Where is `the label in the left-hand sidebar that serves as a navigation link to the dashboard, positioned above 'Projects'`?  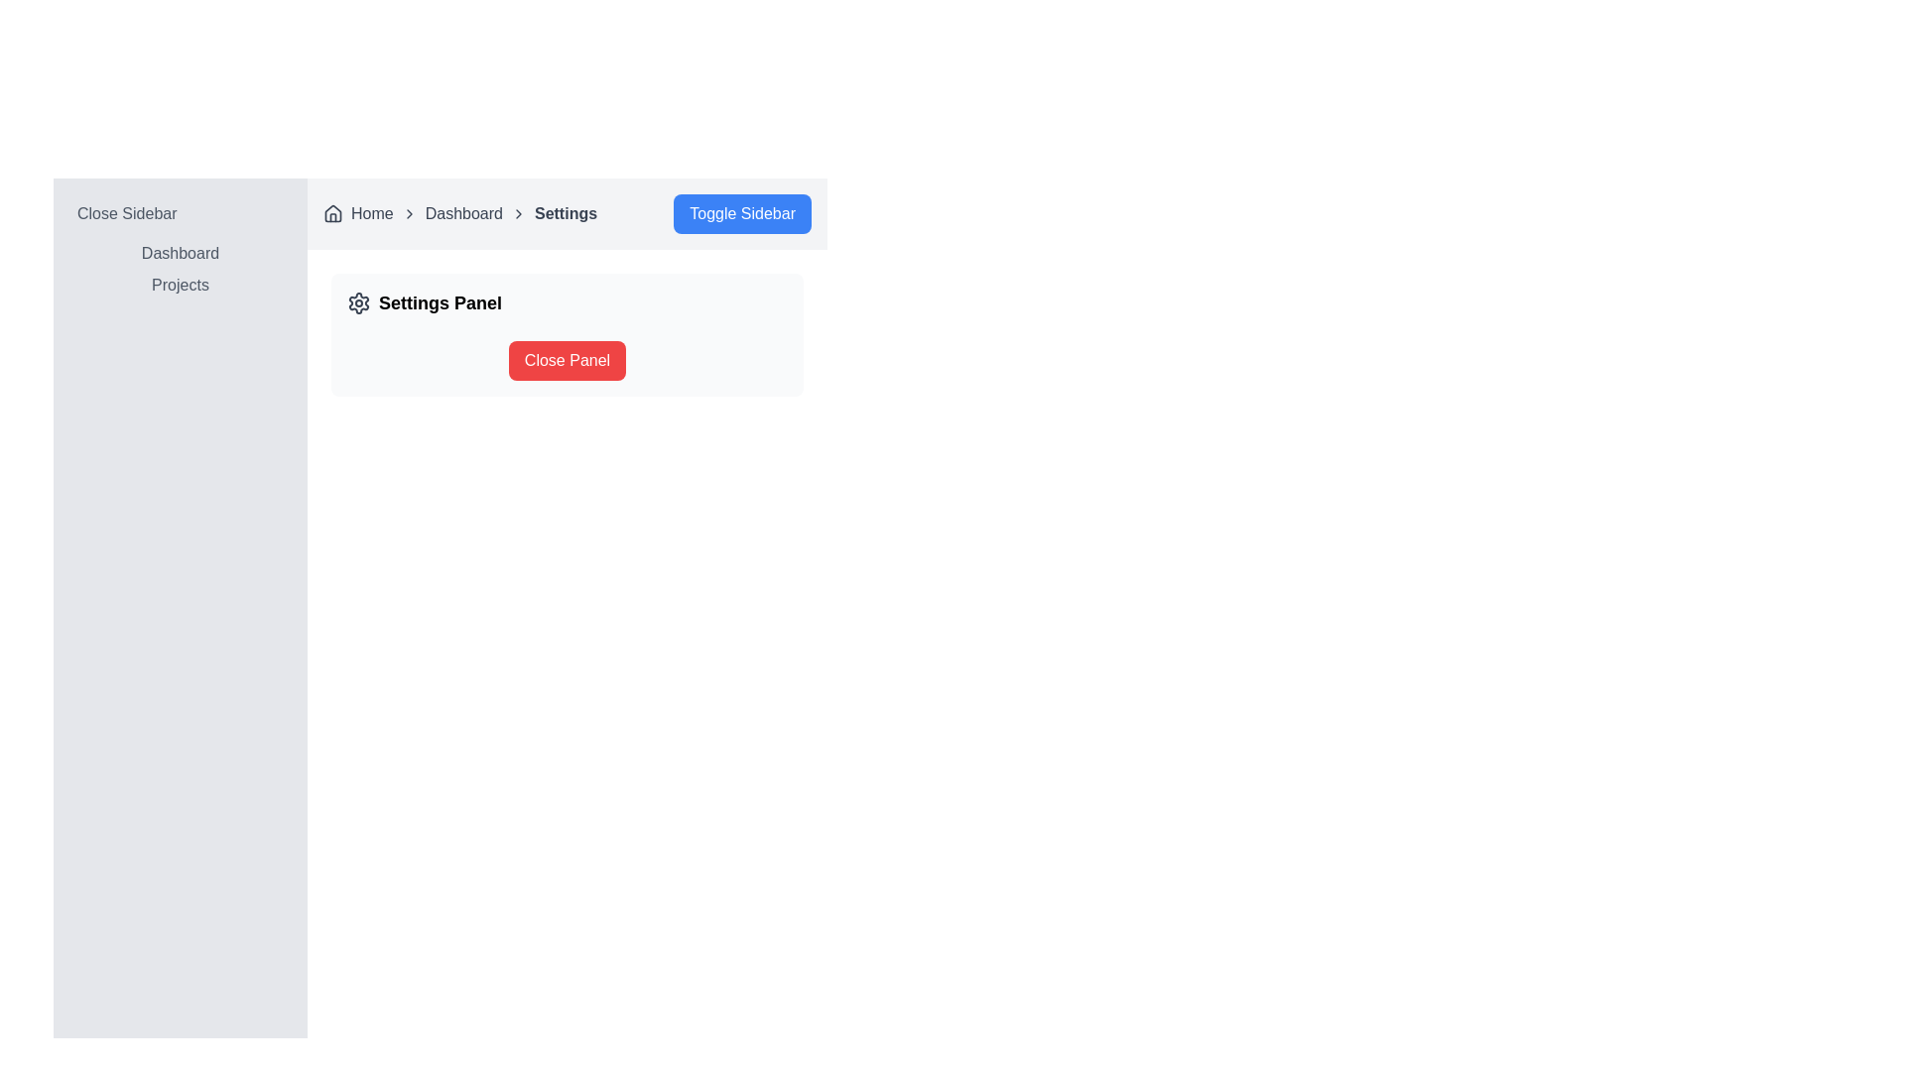
the label in the left-hand sidebar that serves as a navigation link to the dashboard, positioned above 'Projects' is located at coordinates (181, 252).